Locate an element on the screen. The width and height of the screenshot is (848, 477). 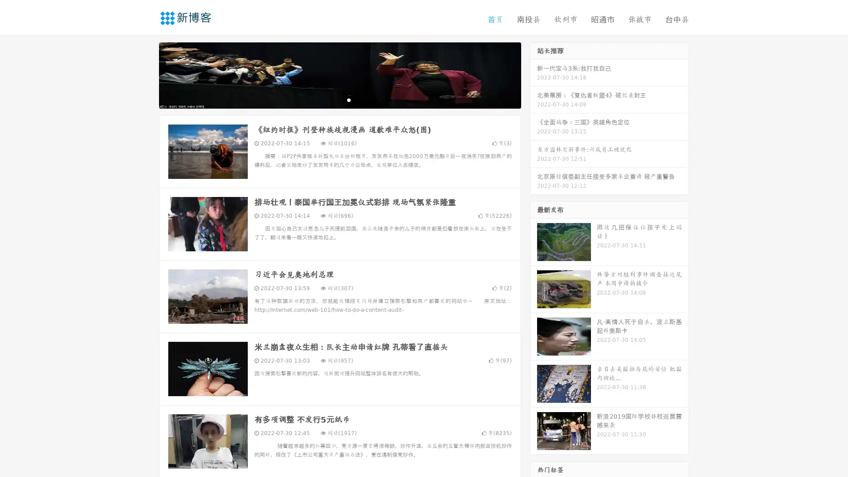
Go to slide 3 is located at coordinates (348, 99).